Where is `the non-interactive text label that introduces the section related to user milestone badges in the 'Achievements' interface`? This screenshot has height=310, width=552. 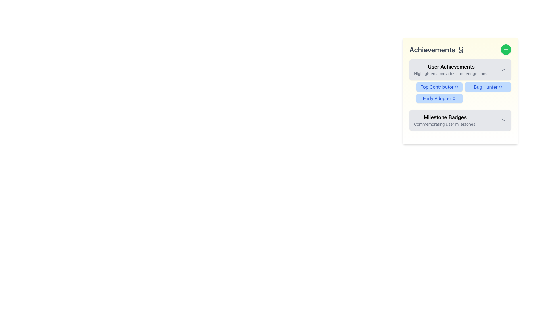 the non-interactive text label that introduces the section related to user milestone badges in the 'Achievements' interface is located at coordinates (445, 117).